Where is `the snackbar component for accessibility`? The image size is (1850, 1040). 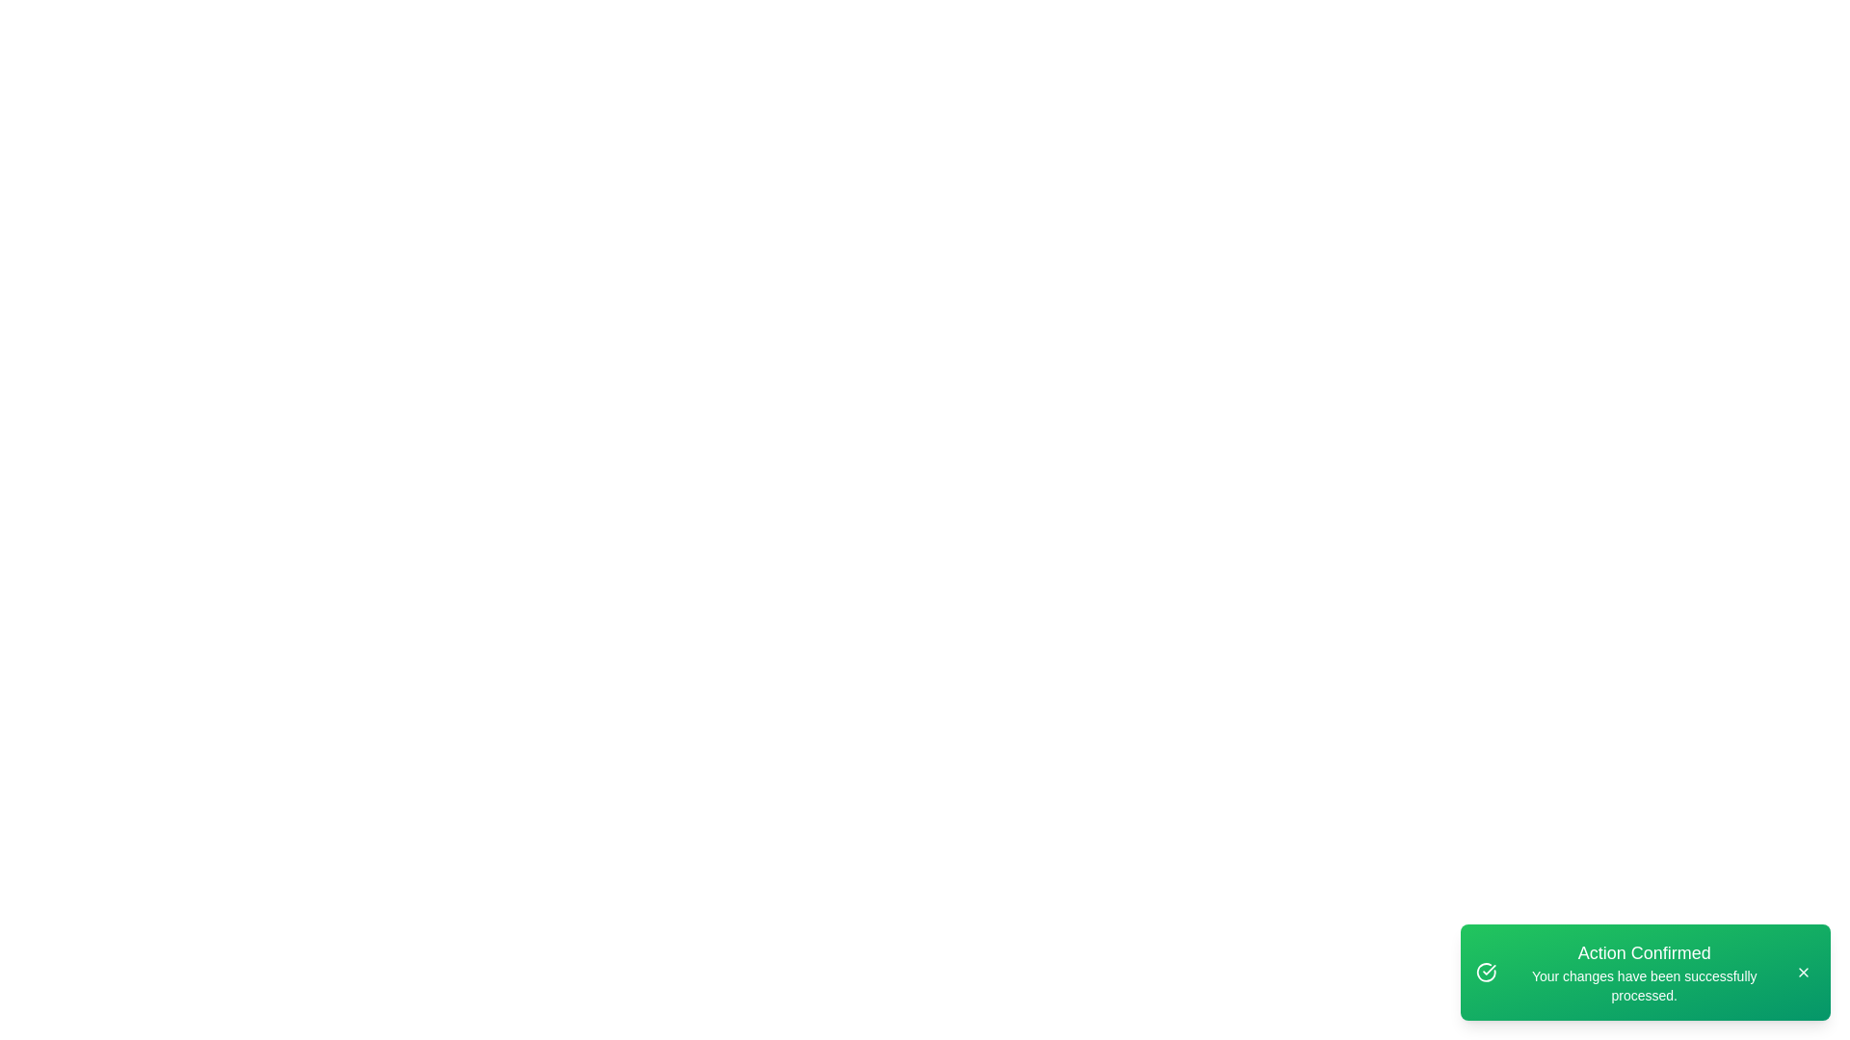
the snackbar component for accessibility is located at coordinates (1645, 973).